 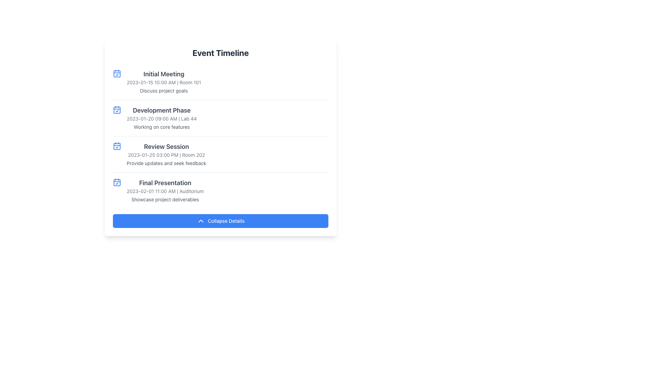 I want to click on the rectangular button with a blue background and white text saying 'Collapse Details', located at the bottom of the event timeline card, so click(x=220, y=221).